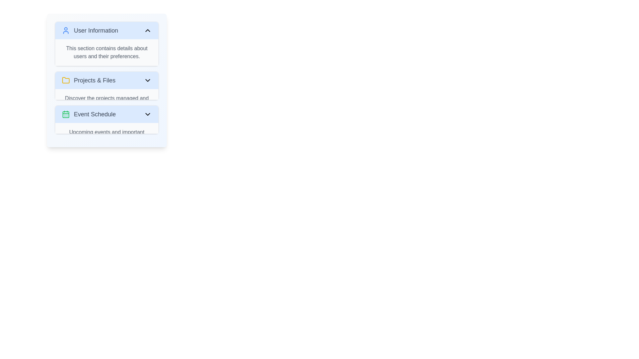  What do you see at coordinates (66, 114) in the screenshot?
I see `the 'Event Schedule' icon located in the third section of the vertical list, which visually indicates the content of the section` at bounding box center [66, 114].